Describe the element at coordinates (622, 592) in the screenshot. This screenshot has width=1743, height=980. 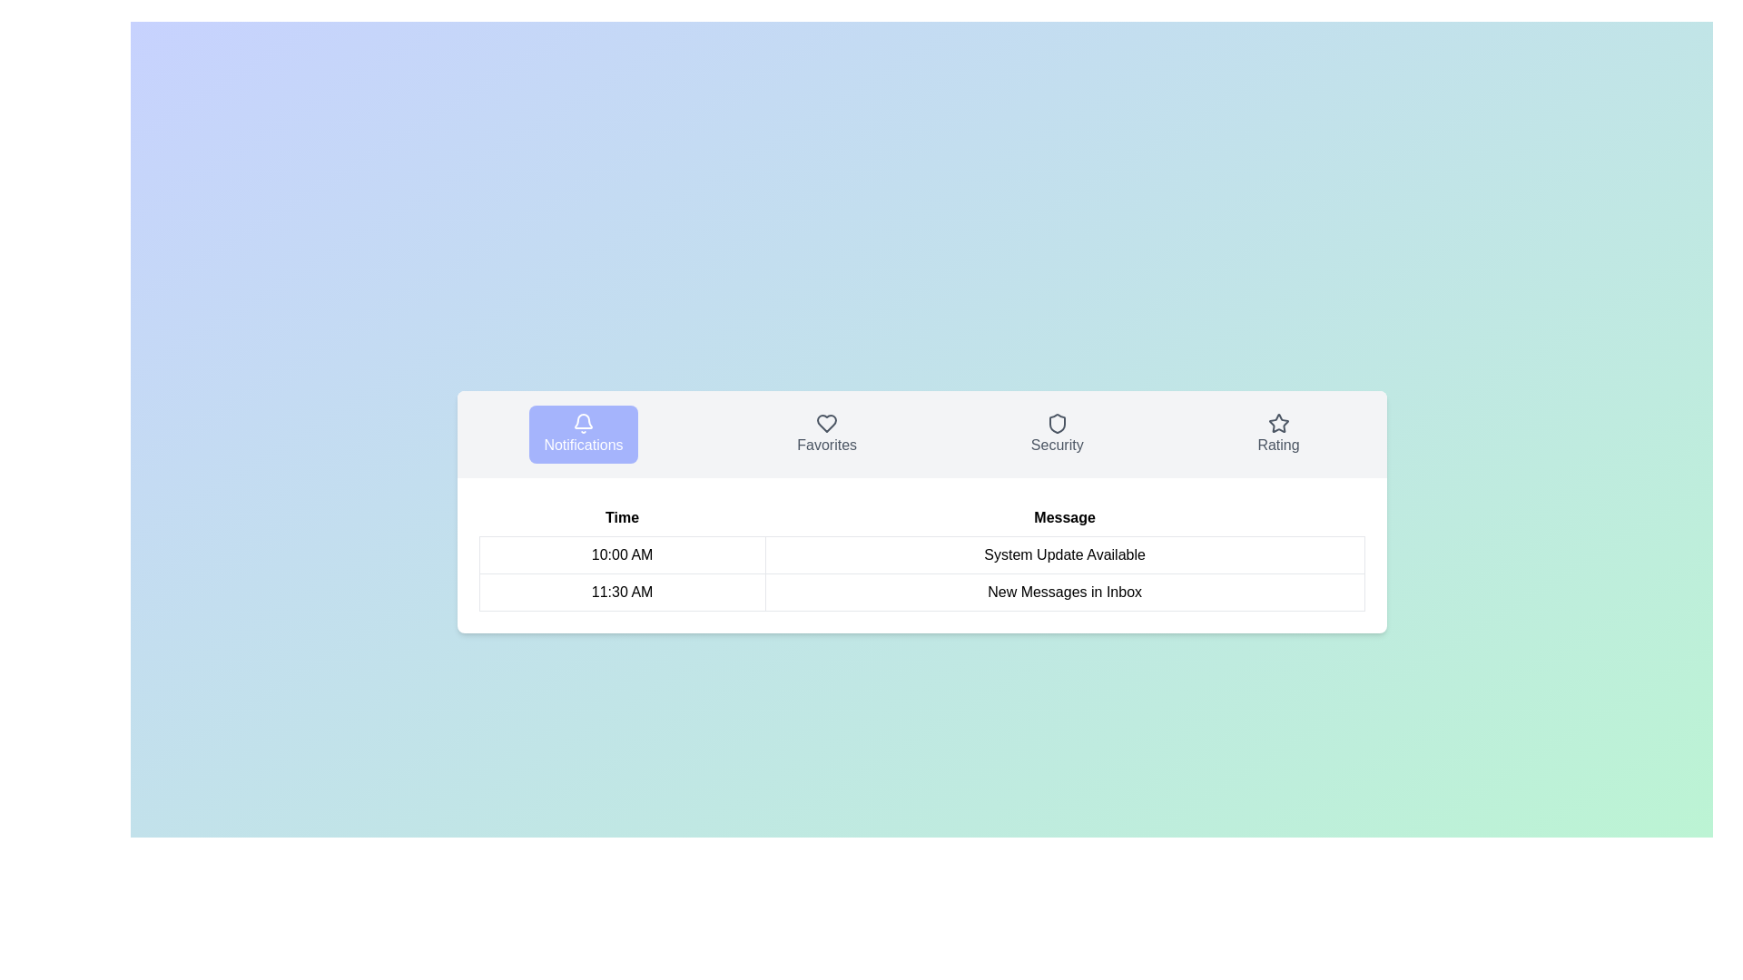
I see `the timestamp indicator text label located in the second row under the 'Time' column of the notification table` at that location.